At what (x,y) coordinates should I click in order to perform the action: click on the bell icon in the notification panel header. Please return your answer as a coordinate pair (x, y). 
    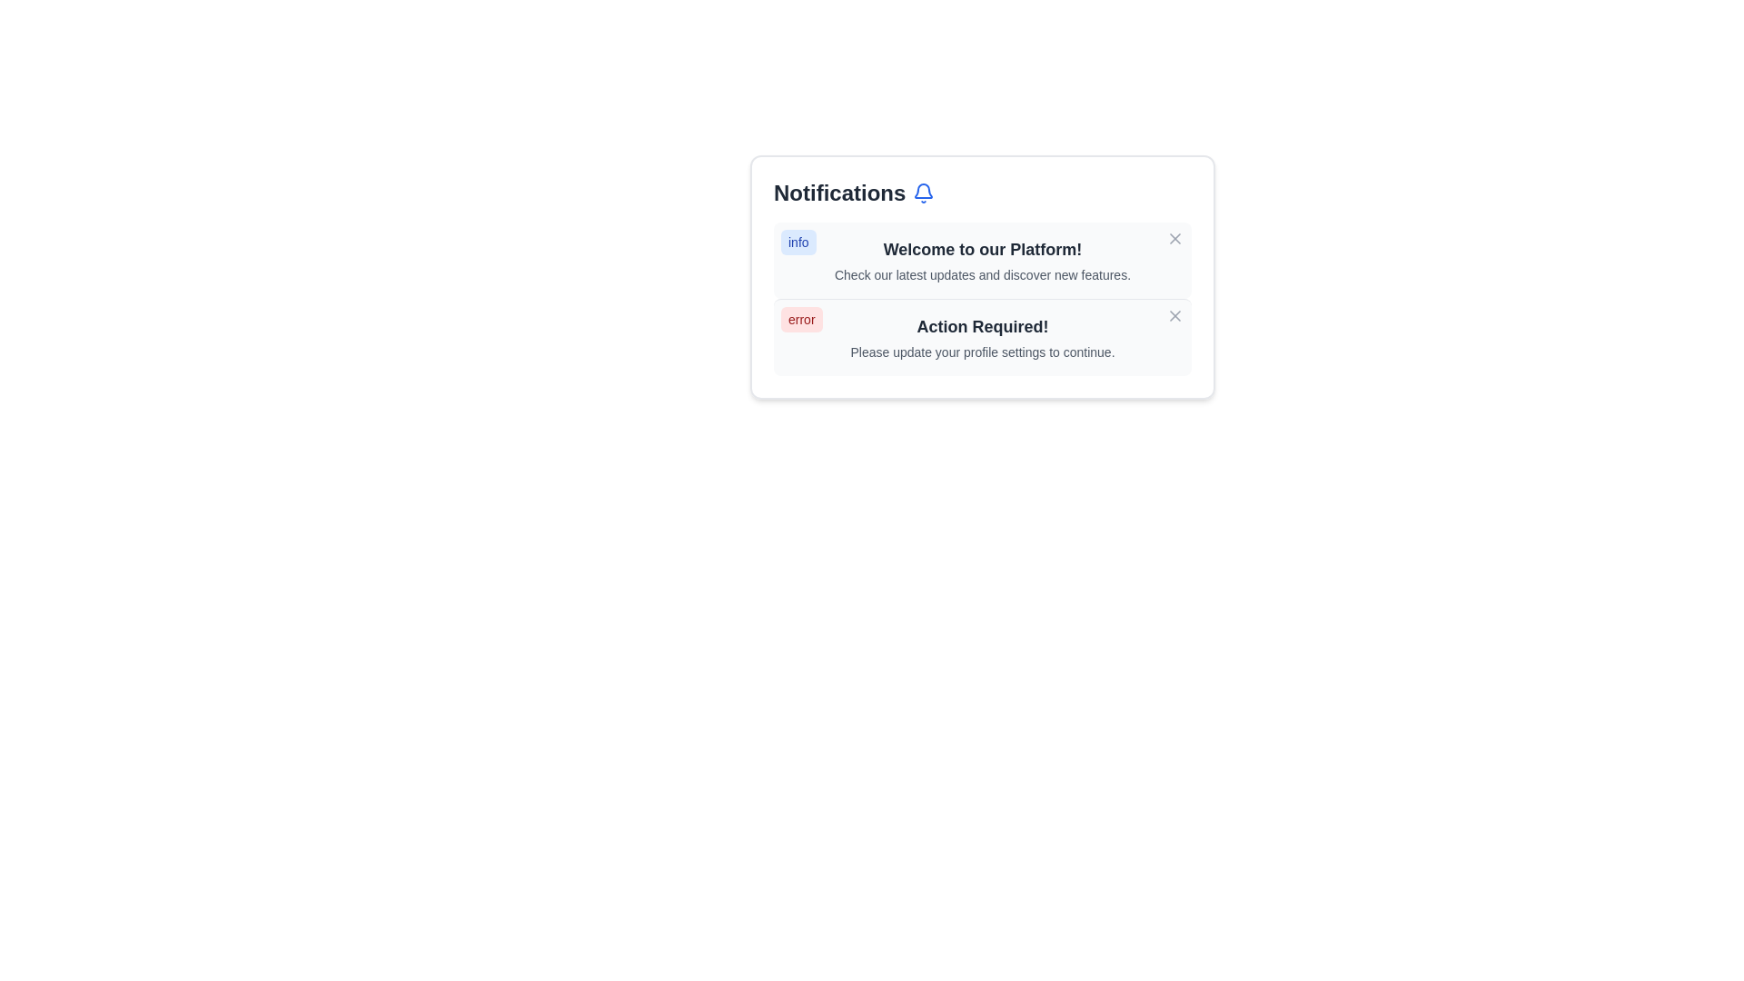
    Looking at the image, I should click on (924, 193).